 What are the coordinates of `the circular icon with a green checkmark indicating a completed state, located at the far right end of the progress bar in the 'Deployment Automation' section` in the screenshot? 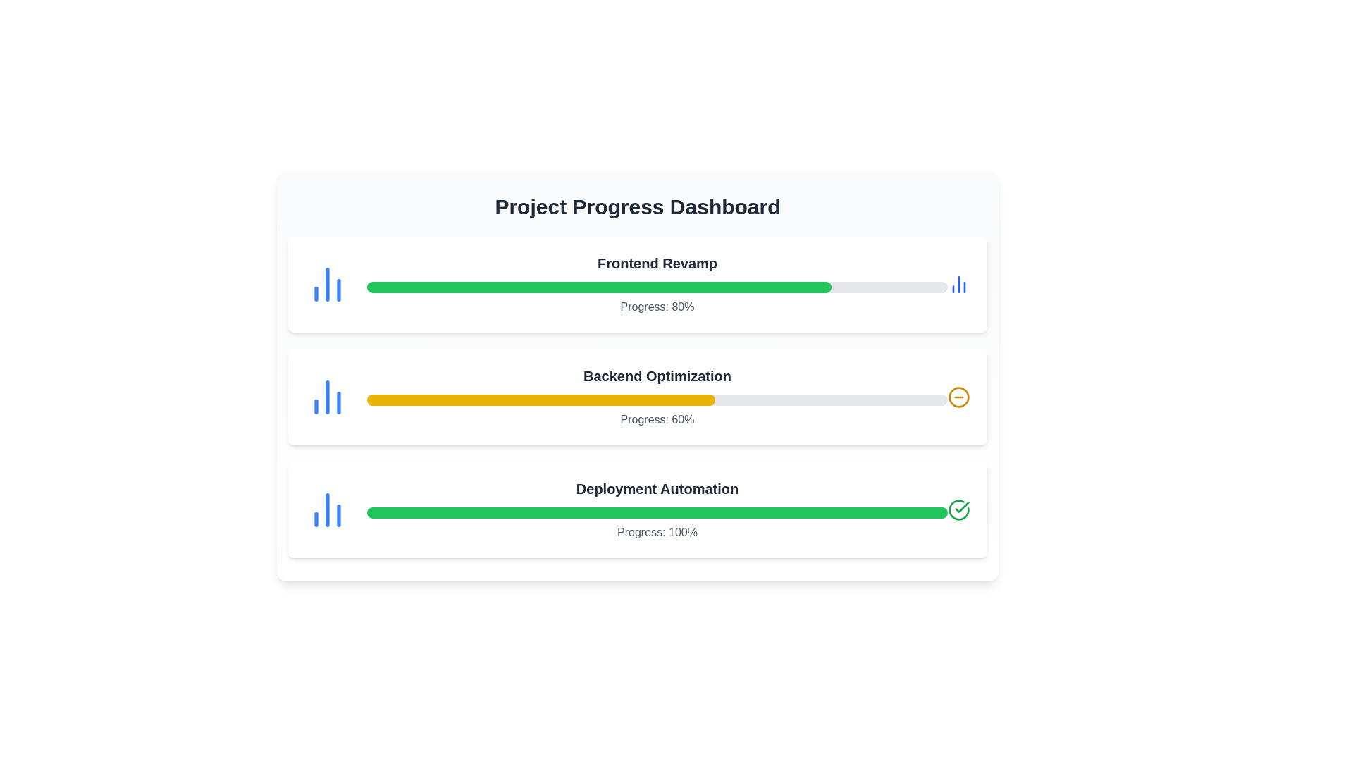 It's located at (958, 510).